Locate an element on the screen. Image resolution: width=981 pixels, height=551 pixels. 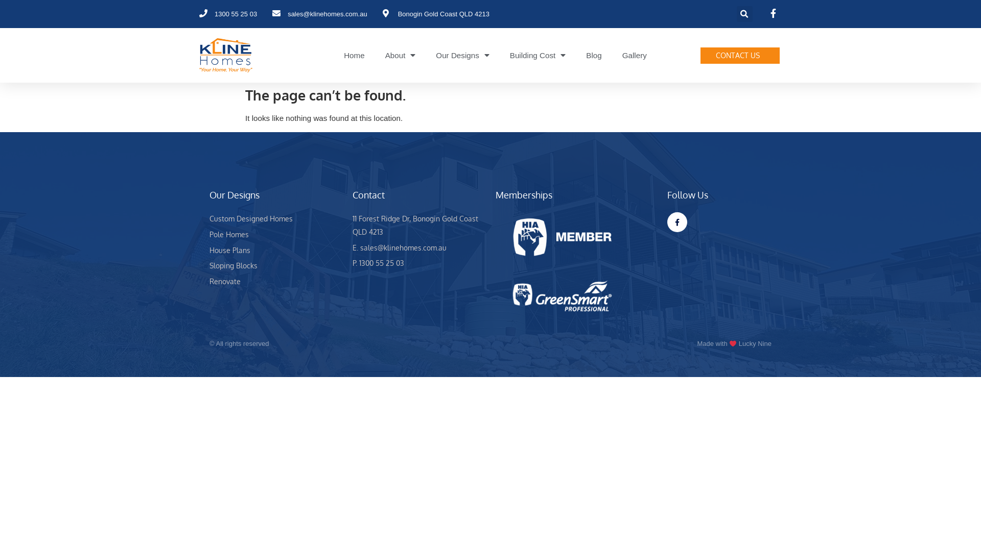
'sales@klinehomes.com.au' is located at coordinates (319, 14).